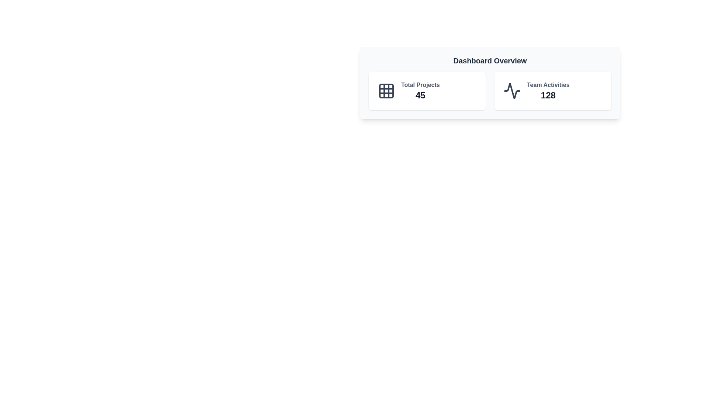  Describe the element at coordinates (511, 90) in the screenshot. I see `the 'Team Activities' icon located at the top-left area of the 'Team Activities' card on the Dashboard Overview section` at that location.